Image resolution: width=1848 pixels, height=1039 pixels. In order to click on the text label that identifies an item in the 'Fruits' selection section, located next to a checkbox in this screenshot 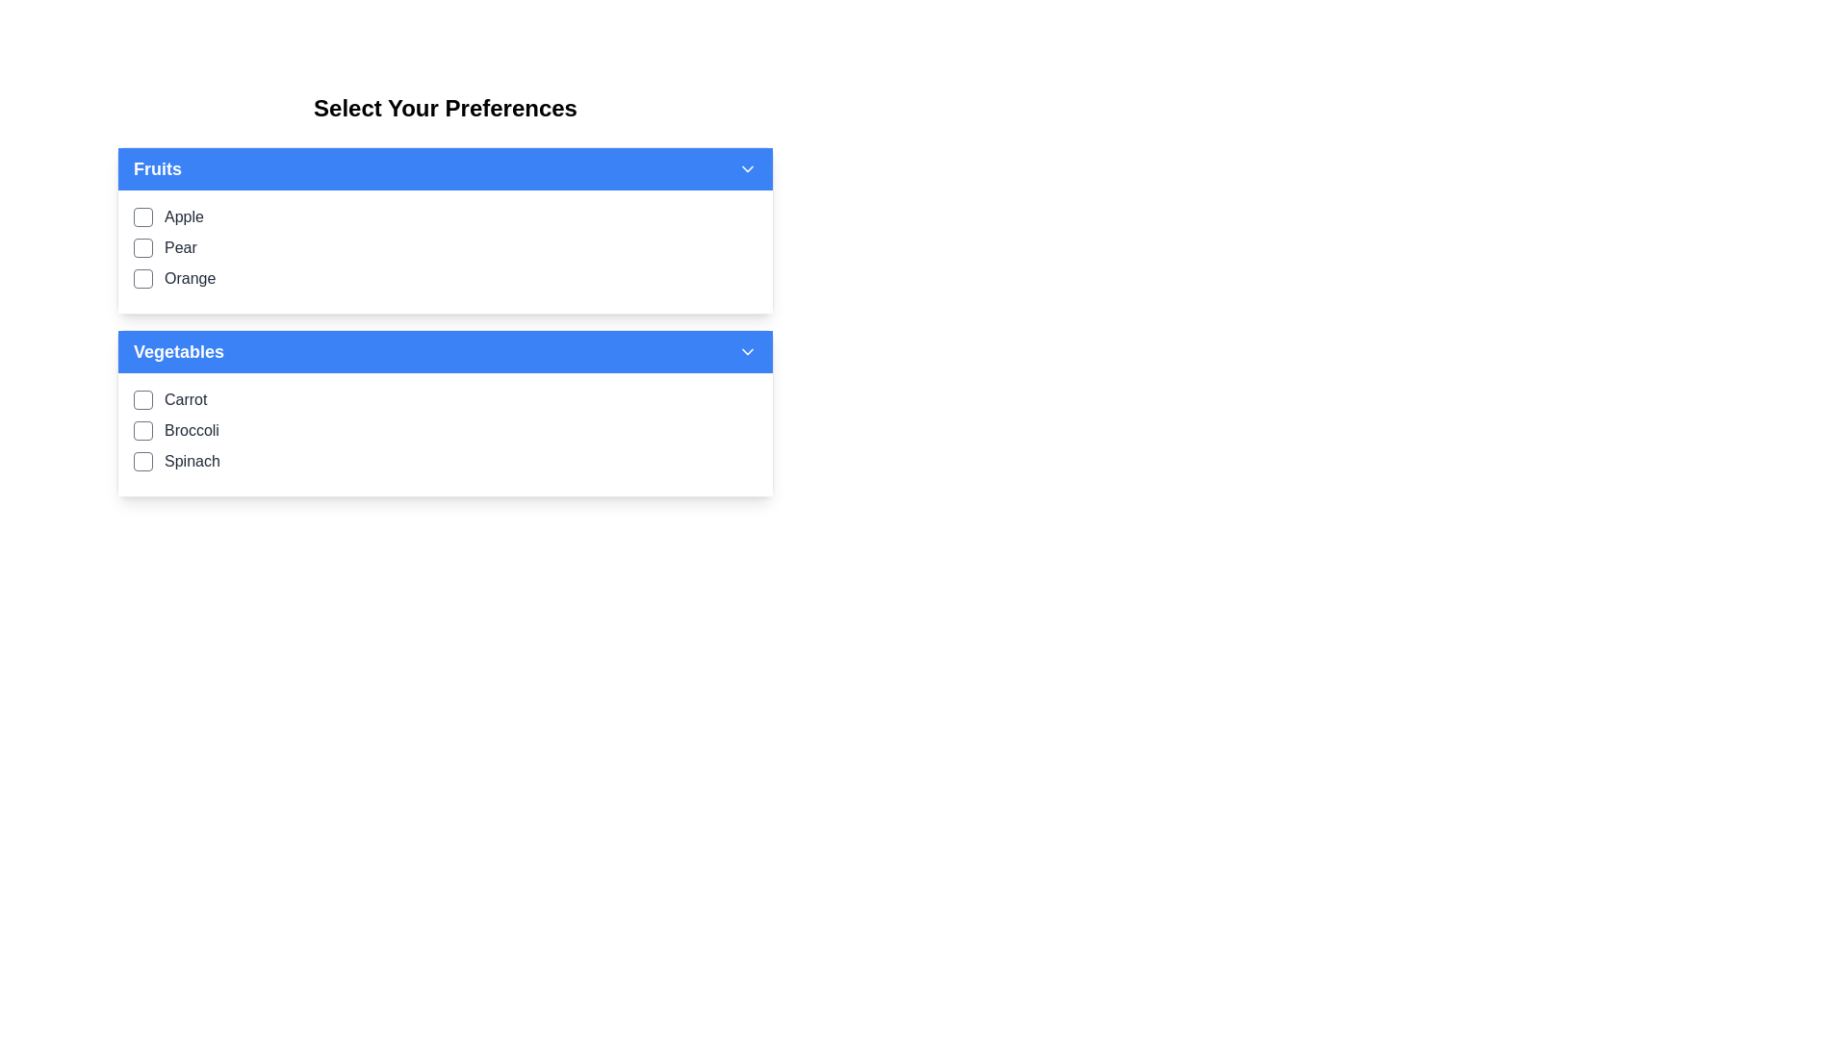, I will do `click(190, 278)`.